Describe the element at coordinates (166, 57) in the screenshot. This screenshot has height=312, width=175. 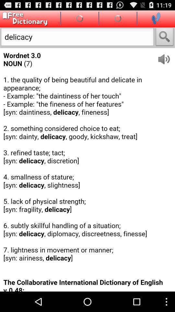
I see `hear word spoken` at that location.